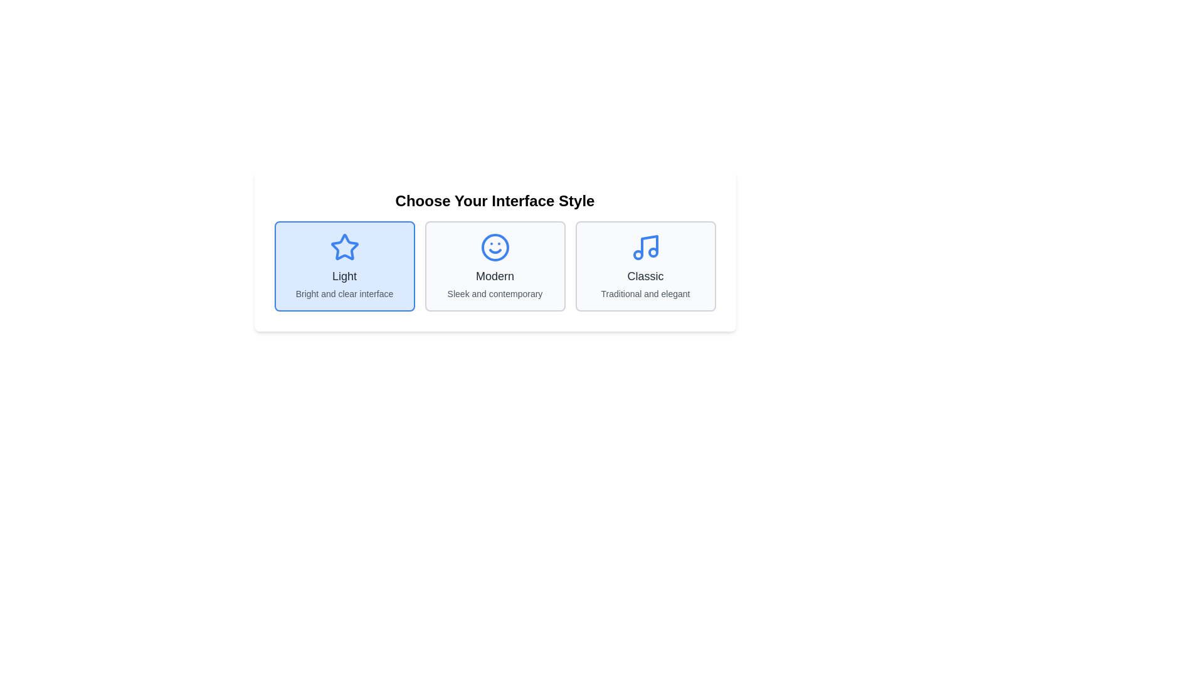  I want to click on the 'Classic' text option in the vertically aligned layout containing a blue musical note icon above it, so click(645, 265).